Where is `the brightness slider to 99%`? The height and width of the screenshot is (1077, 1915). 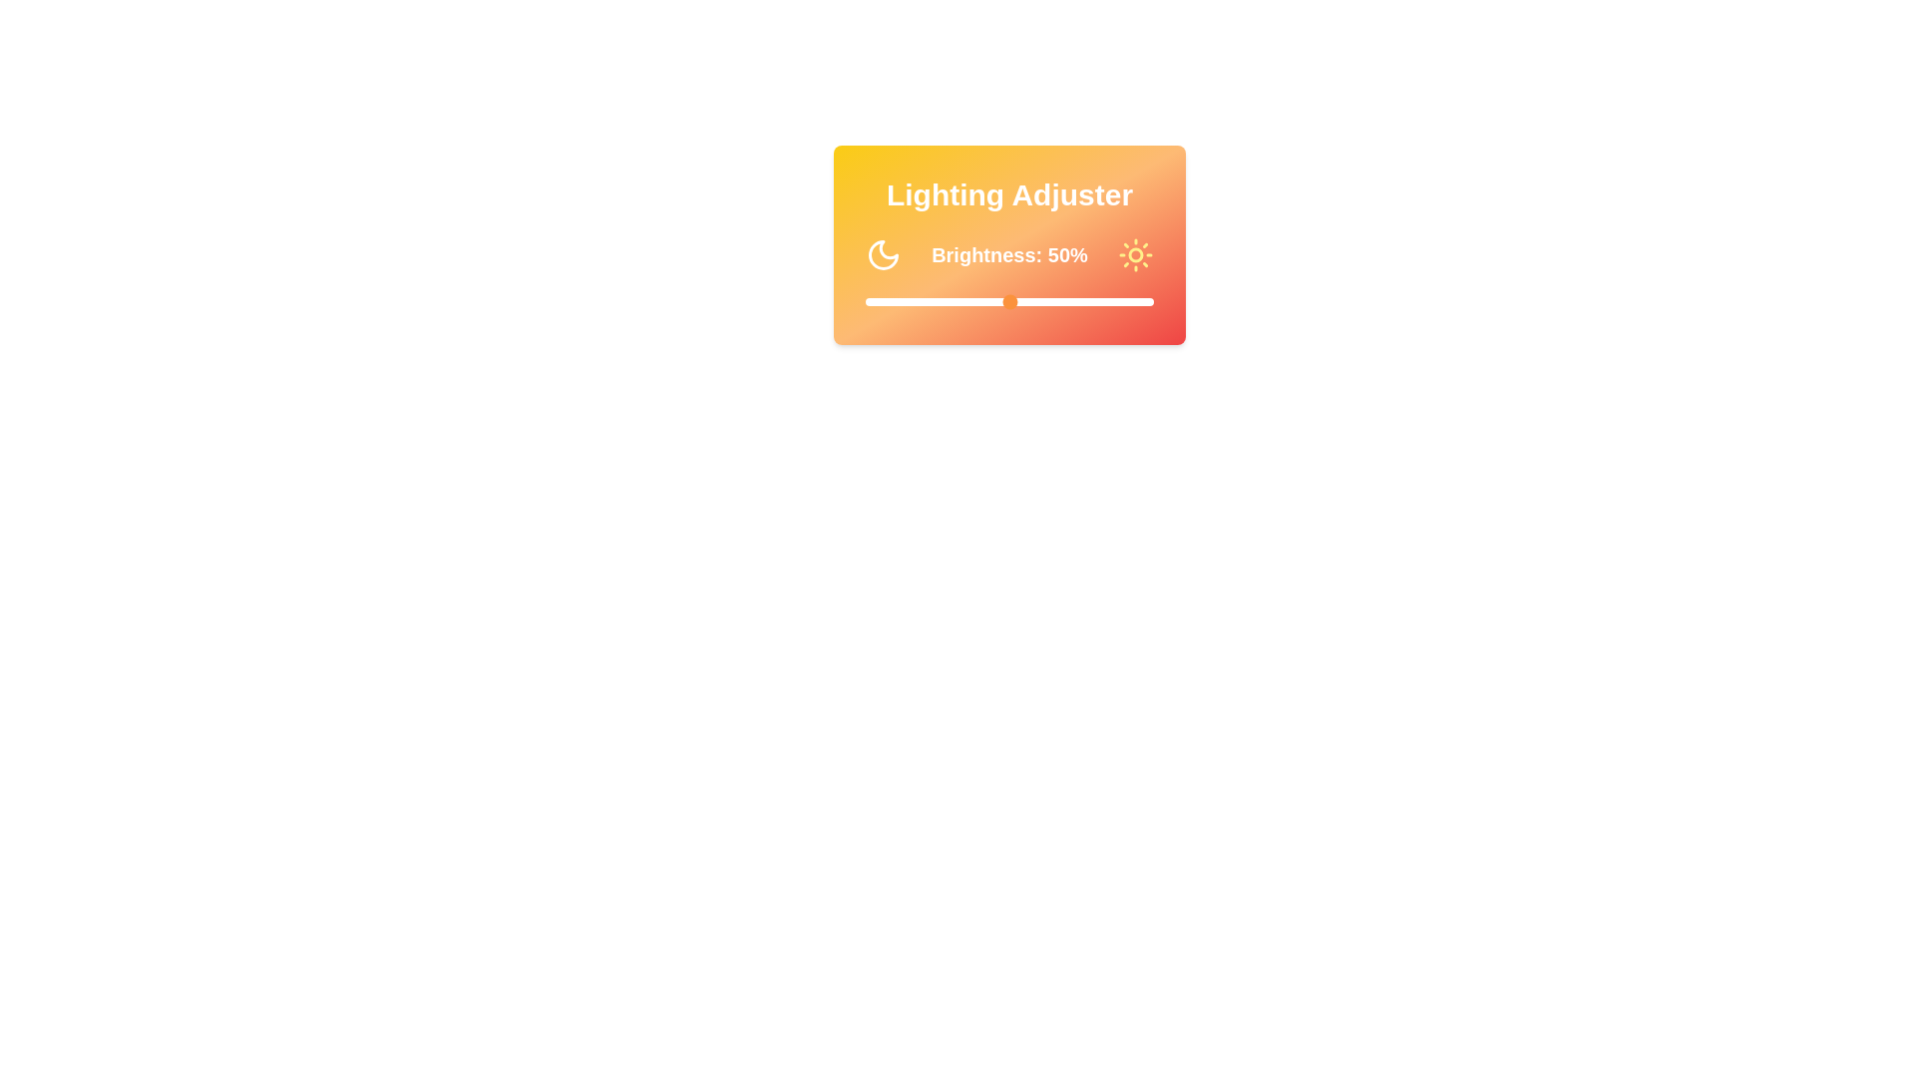
the brightness slider to 99% is located at coordinates (1151, 302).